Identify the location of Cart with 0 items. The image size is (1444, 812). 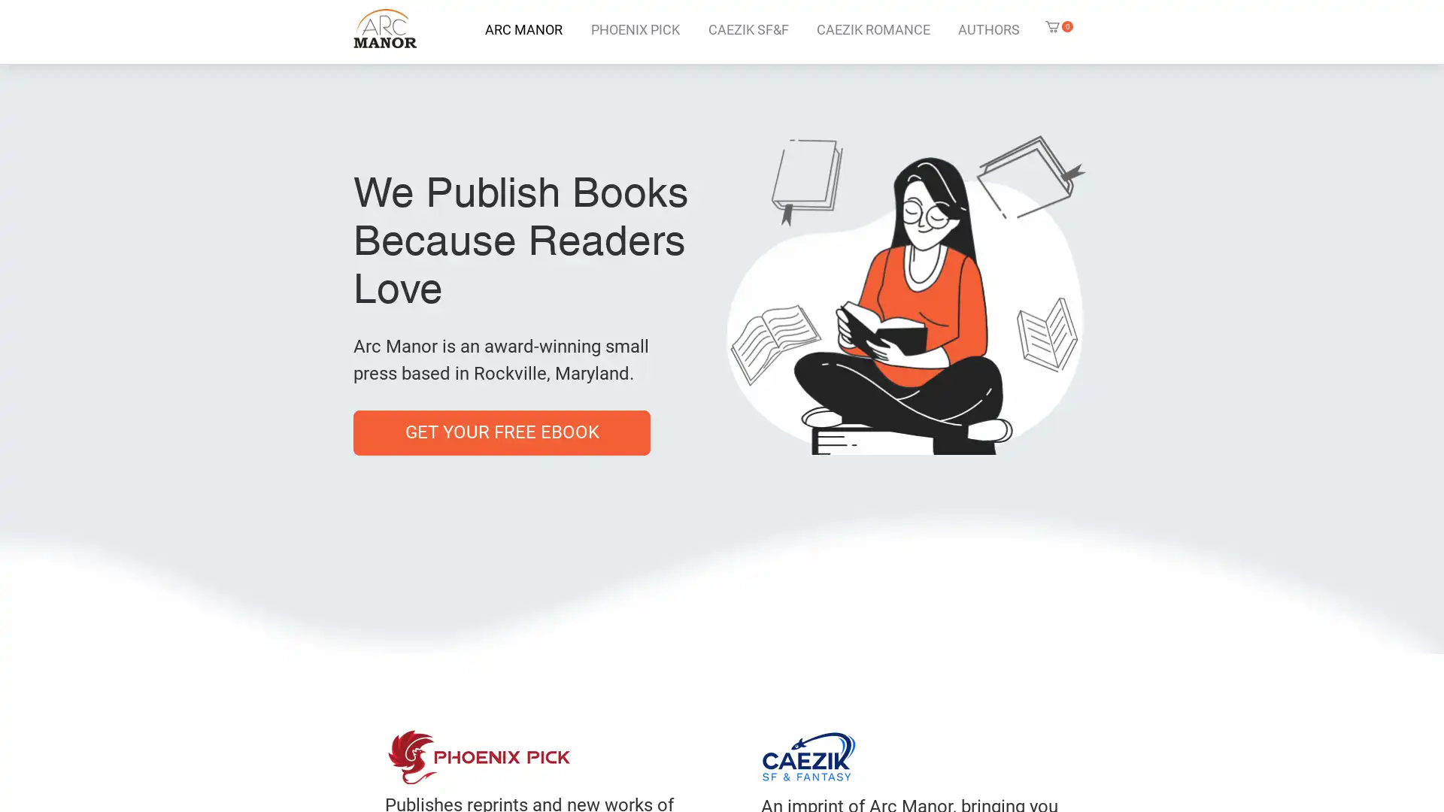
(1058, 26).